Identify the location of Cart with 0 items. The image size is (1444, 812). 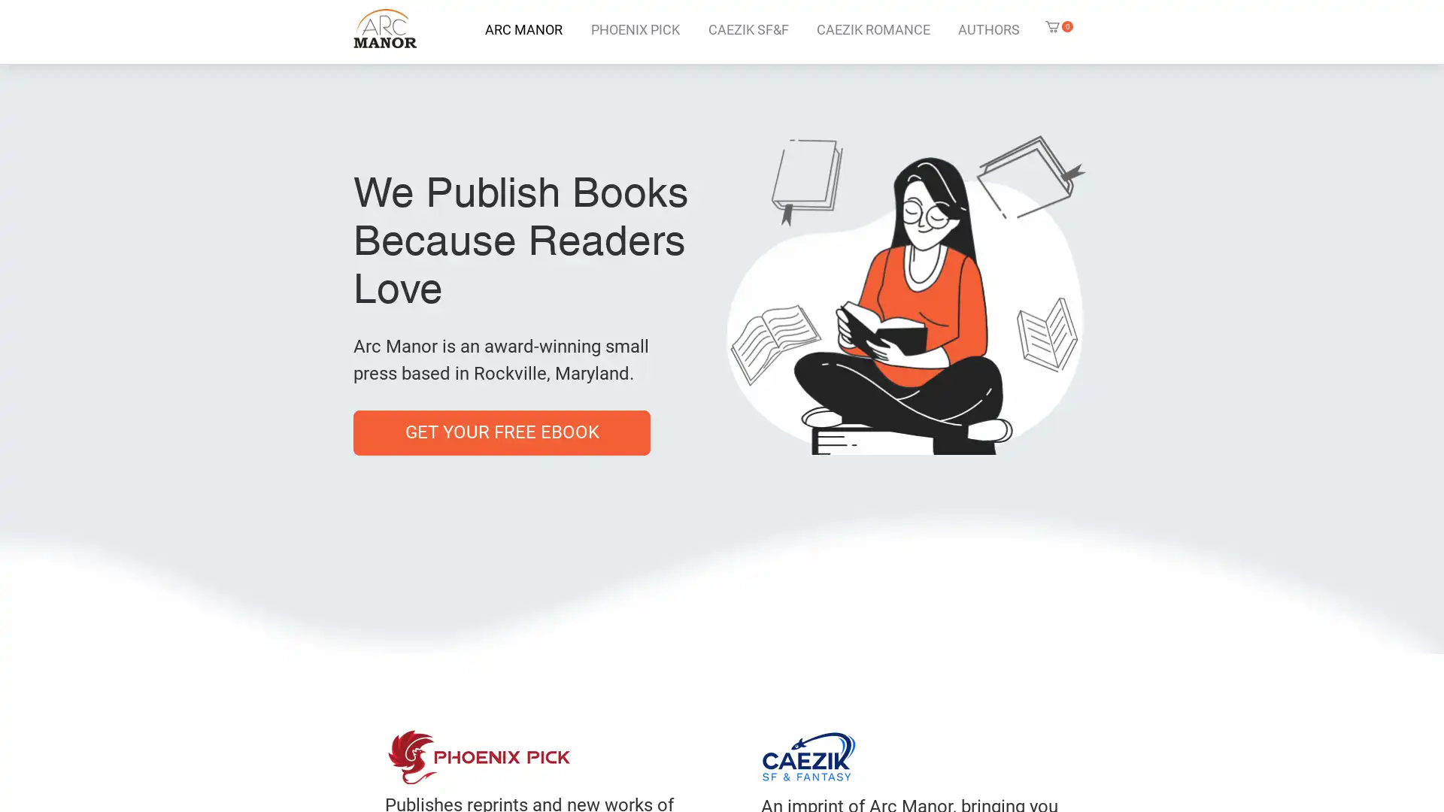
(1058, 26).